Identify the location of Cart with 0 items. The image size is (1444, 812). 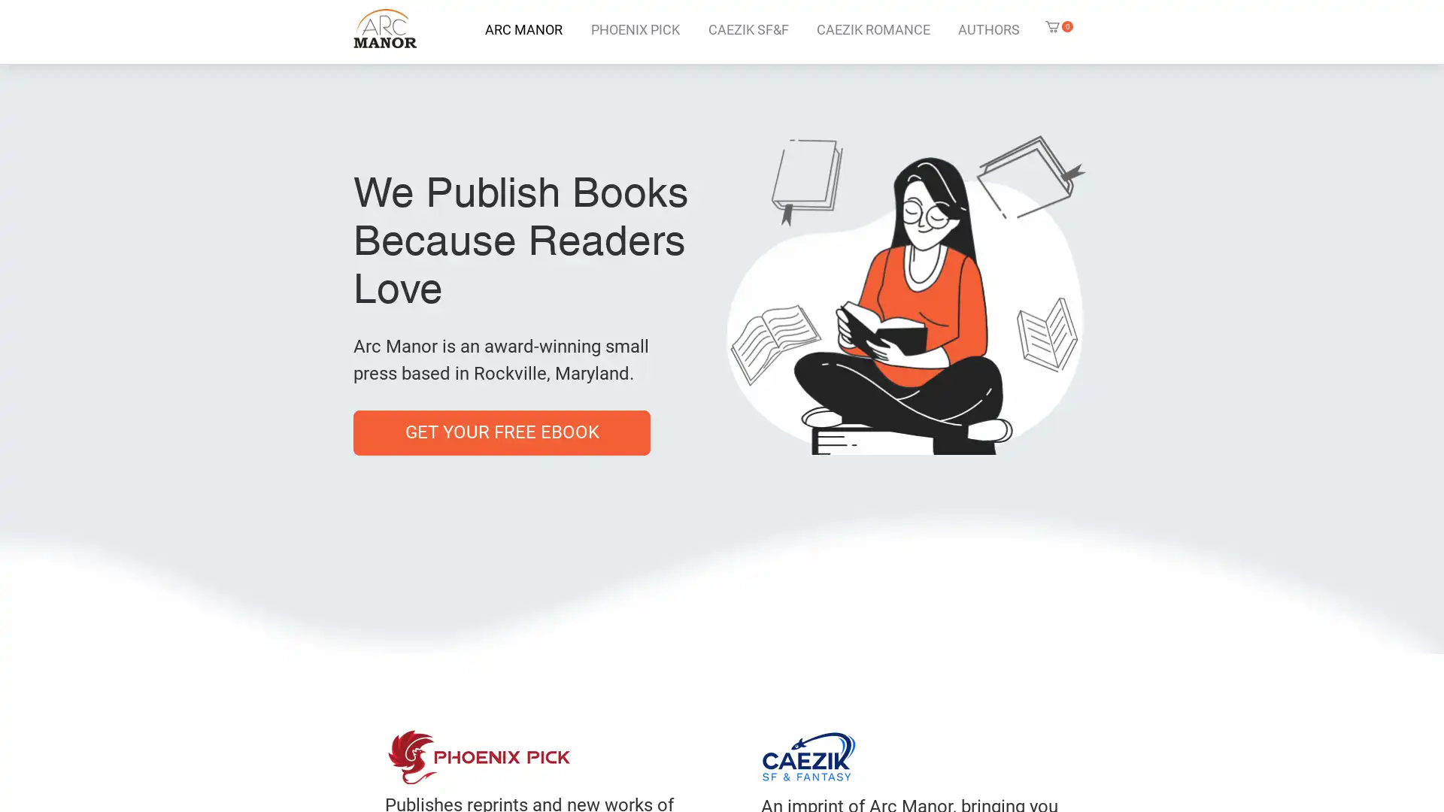
(1058, 26).